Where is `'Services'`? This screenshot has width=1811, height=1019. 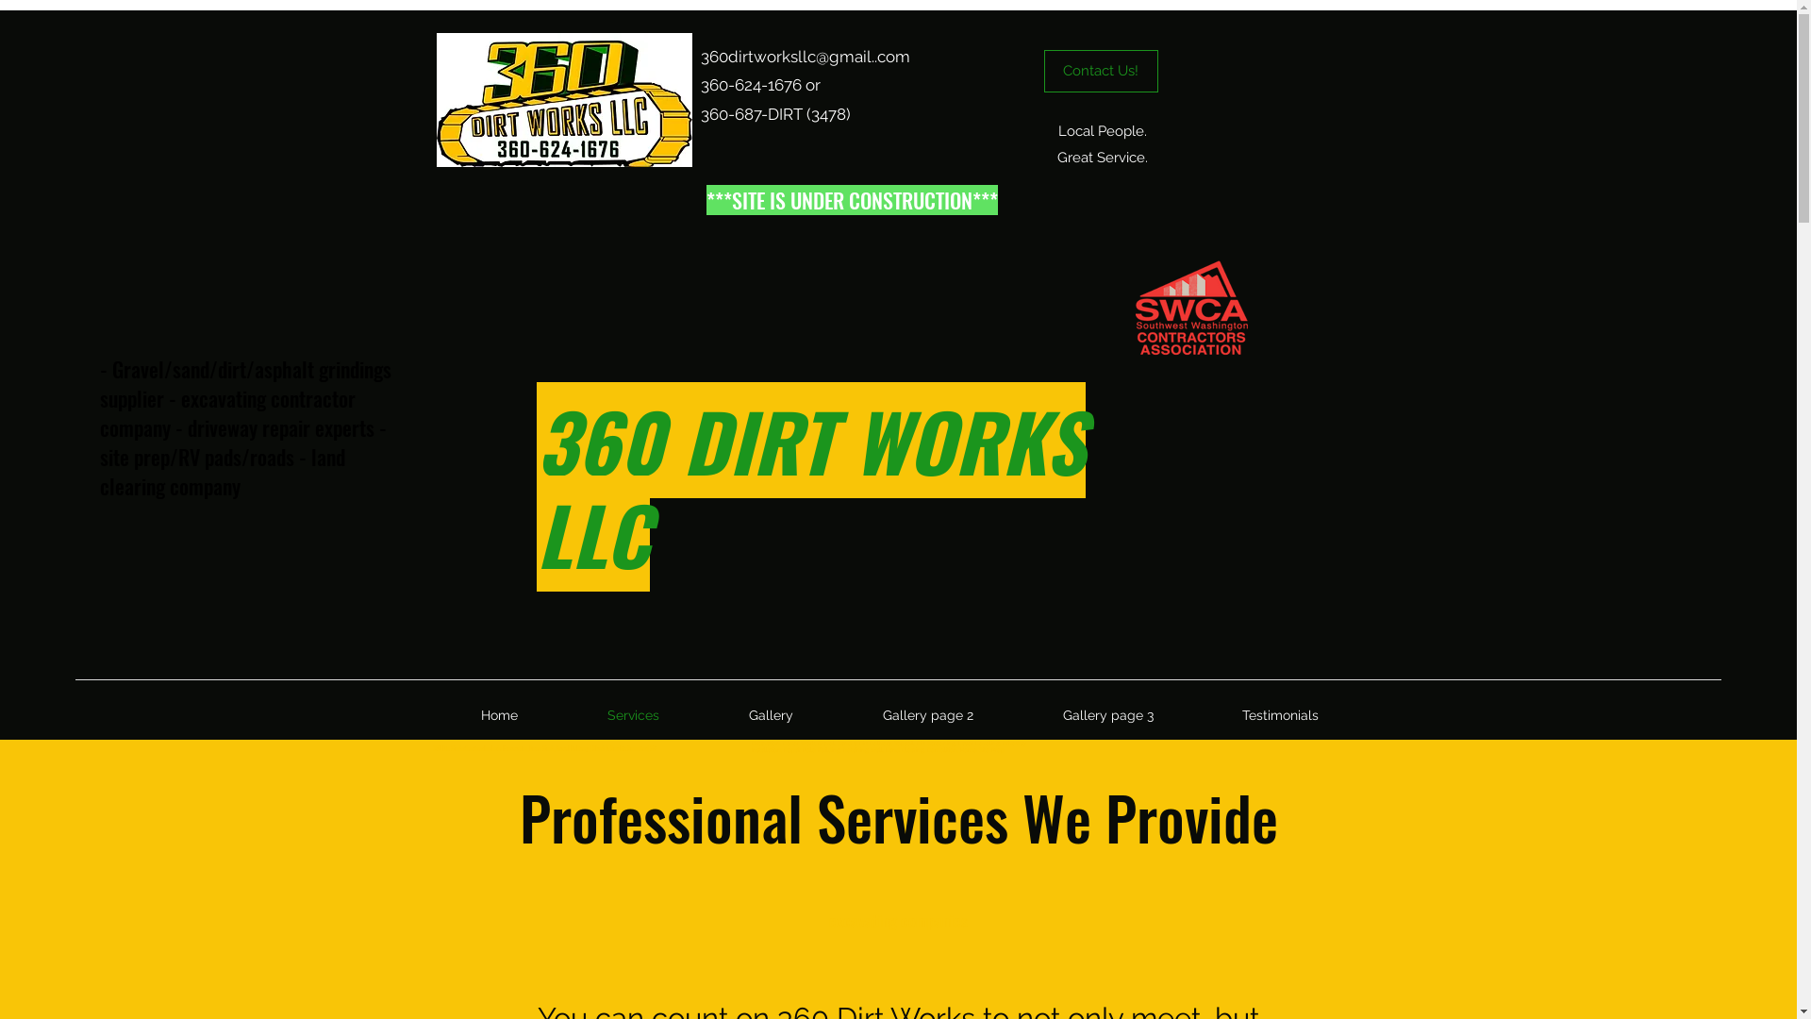 'Services' is located at coordinates (633, 715).